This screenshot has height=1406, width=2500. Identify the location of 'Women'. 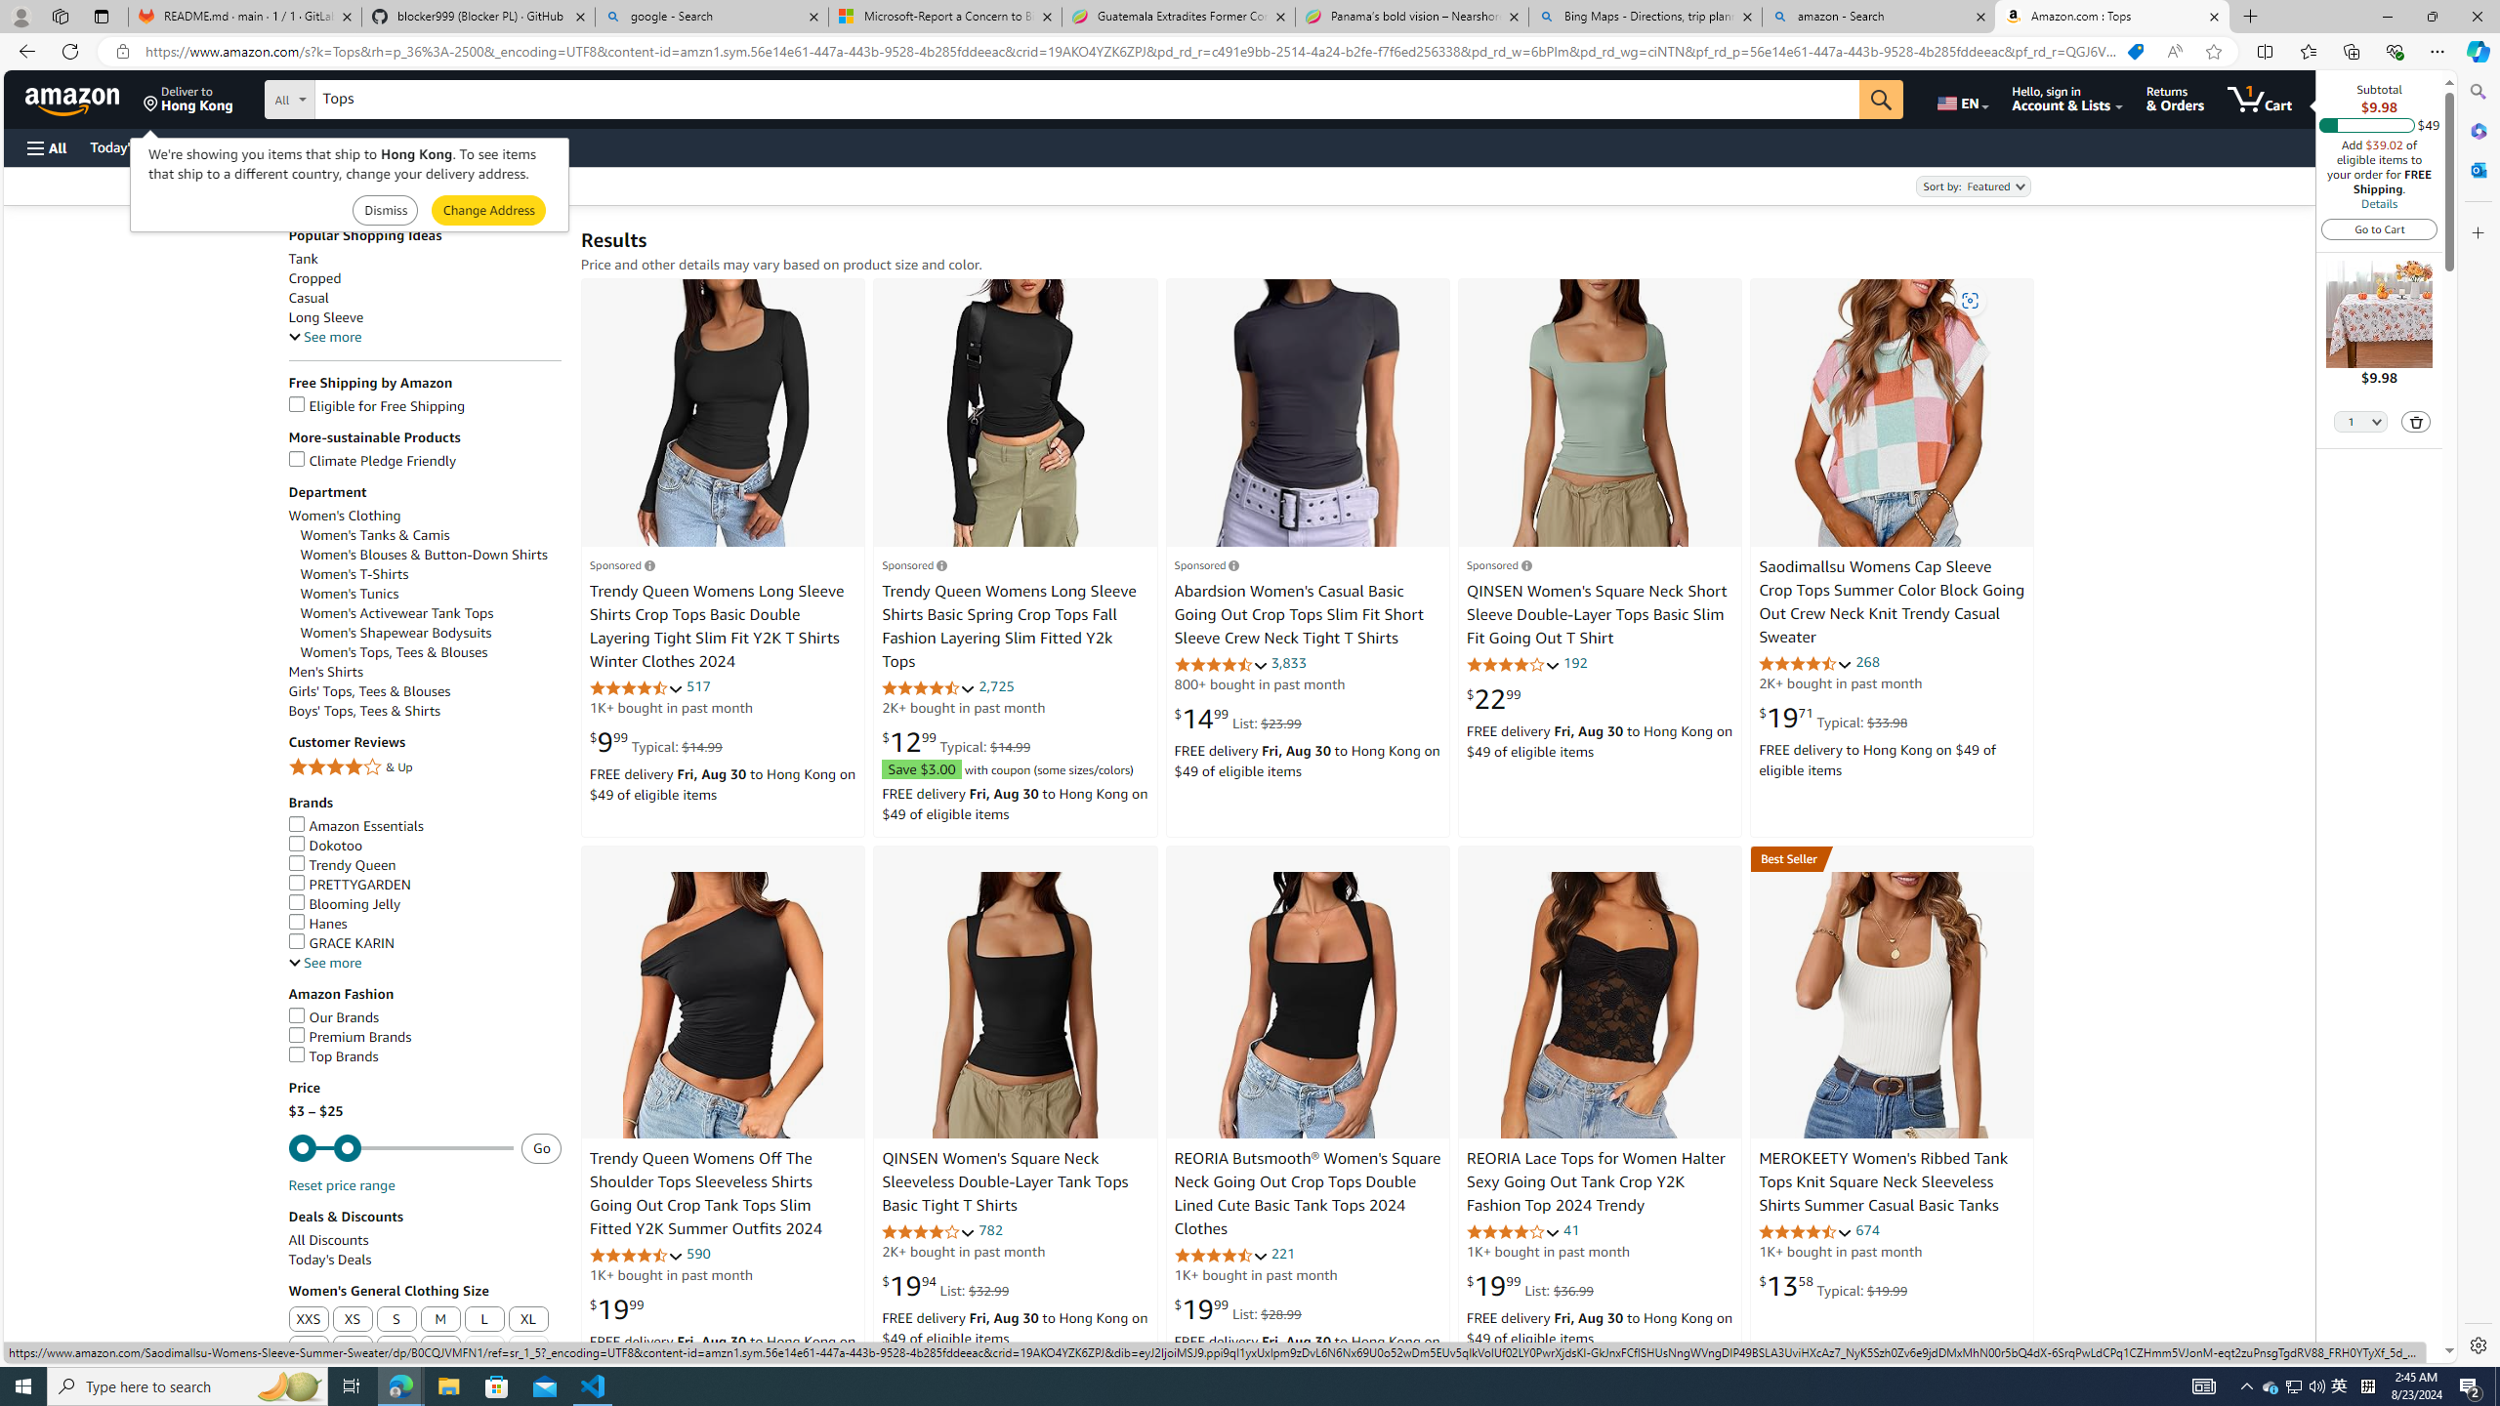
(422, 554).